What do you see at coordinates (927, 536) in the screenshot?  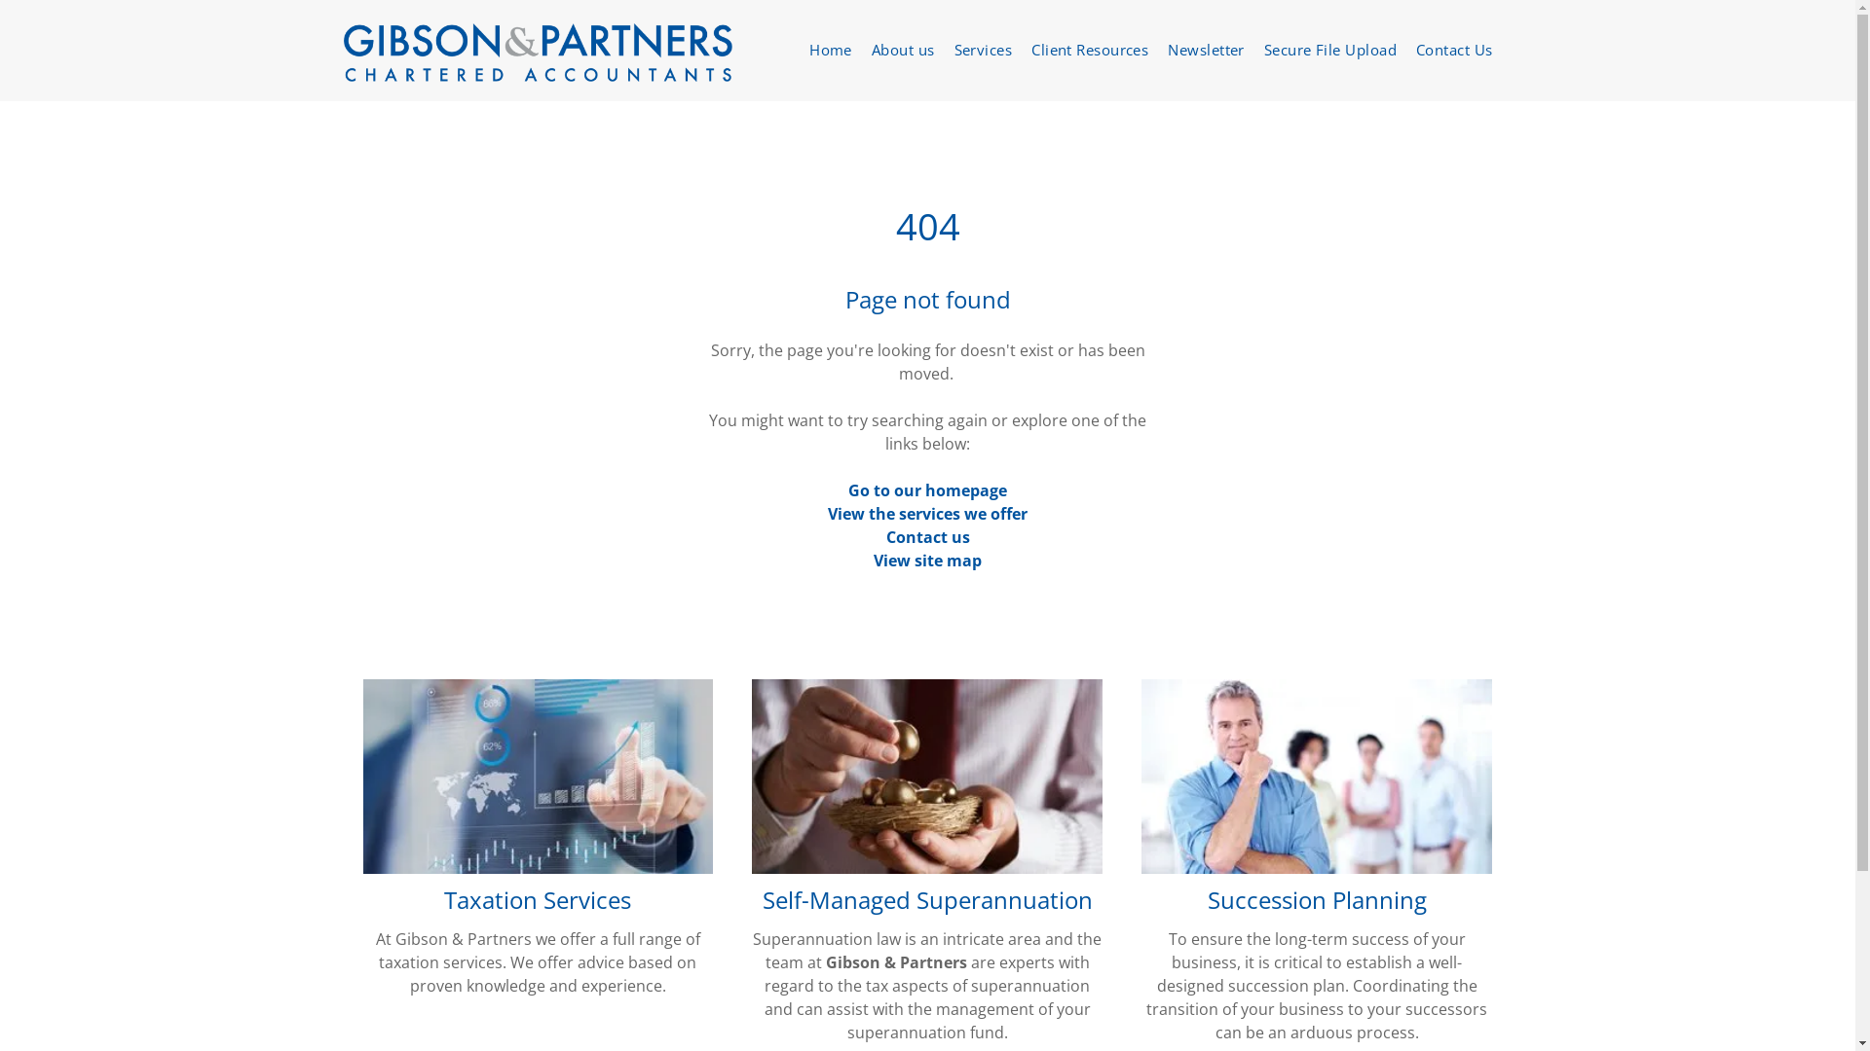 I see `'Contact us'` at bounding box center [927, 536].